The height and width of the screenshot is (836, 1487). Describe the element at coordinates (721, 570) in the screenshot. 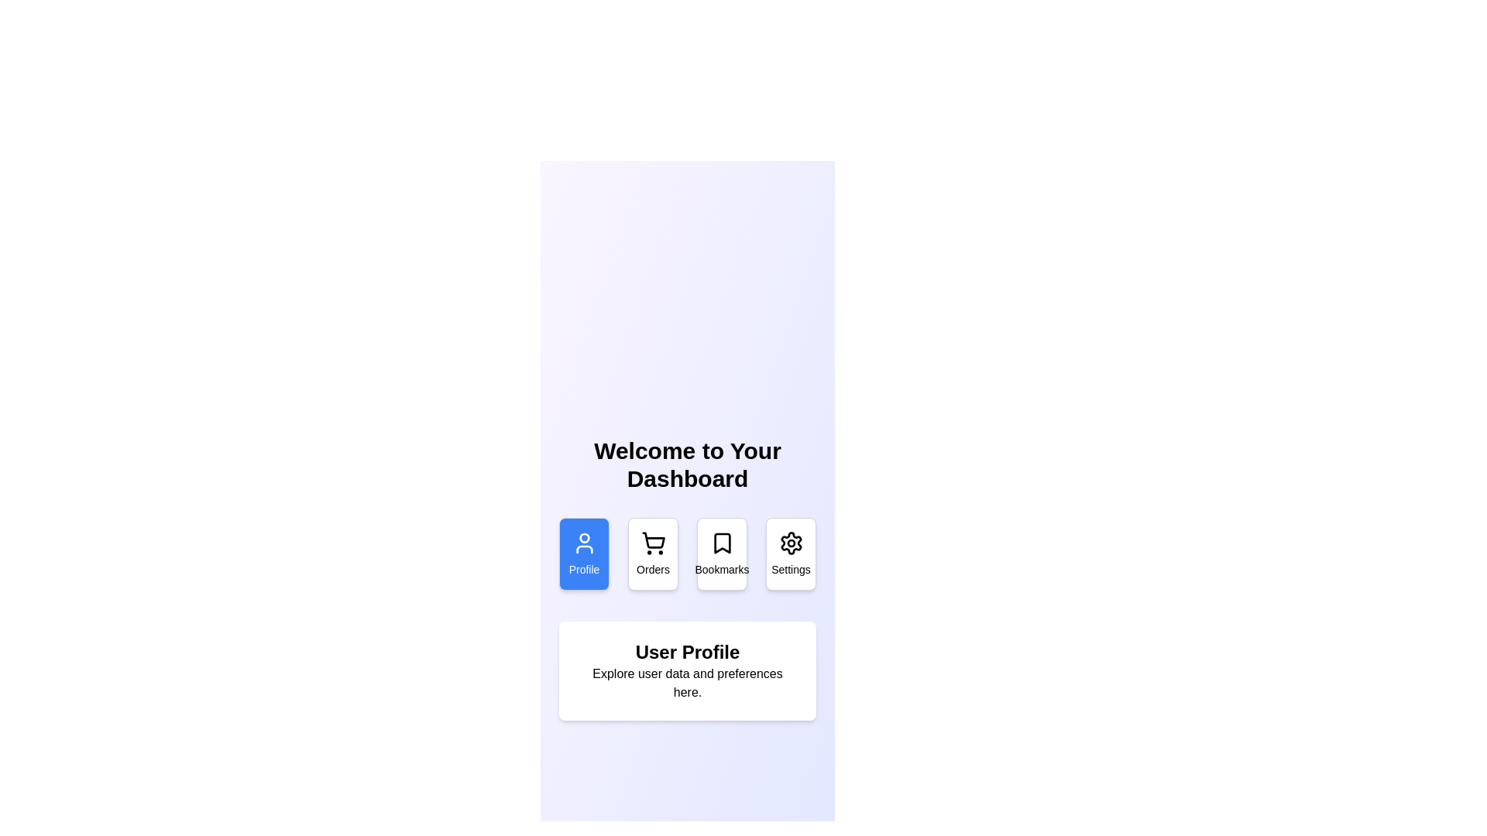

I see `the 'Bookmarks' text label element, which is the third item in the navigation menu under 'Welcome to Your Dashboard', located below the bookmark icon` at that location.